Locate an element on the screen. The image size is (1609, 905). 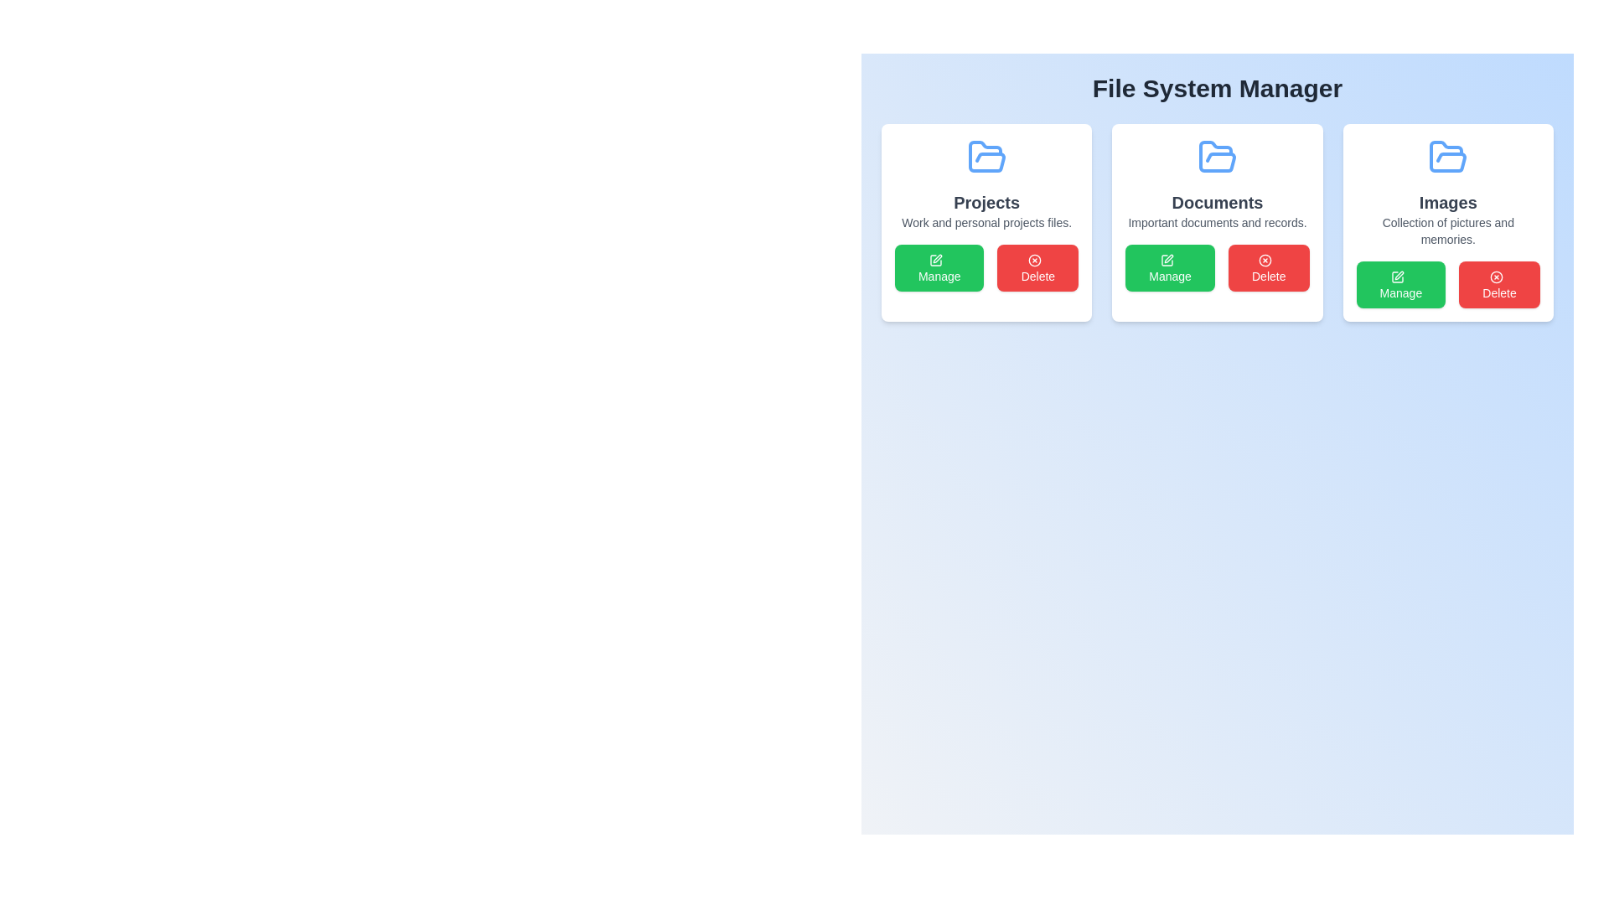
the text label that identifies the card, positioned below the folder icon and above the descriptive text in the leftmost card is located at coordinates (986, 202).